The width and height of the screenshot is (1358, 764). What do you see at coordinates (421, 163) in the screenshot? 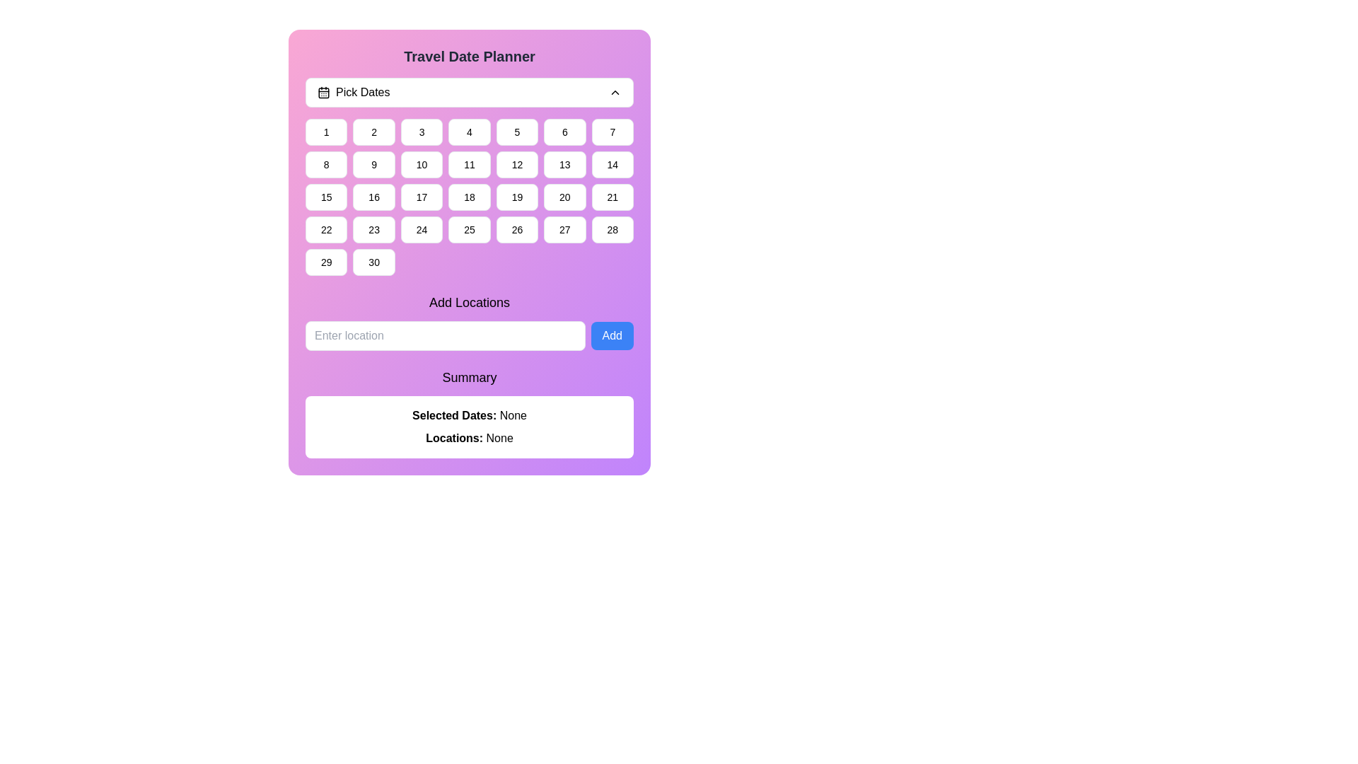
I see `the button representing the date '10' in the date picker grid located below the 'Pick Dates' header` at bounding box center [421, 163].